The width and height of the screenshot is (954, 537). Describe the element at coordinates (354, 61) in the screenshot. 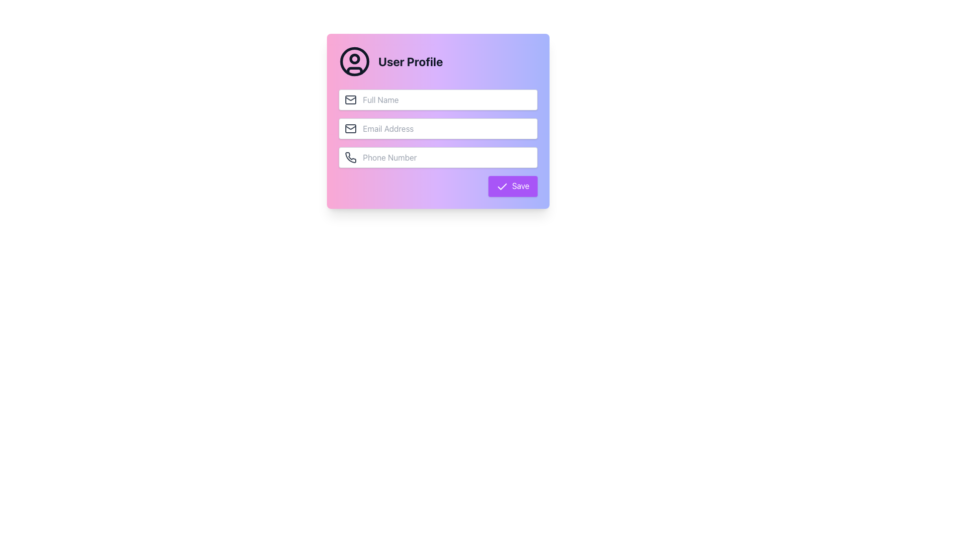

I see `the user profile icon, which is a person icon within a circular boundary, located at the top-left corner of a colorful card layout with a gradient background` at that location.